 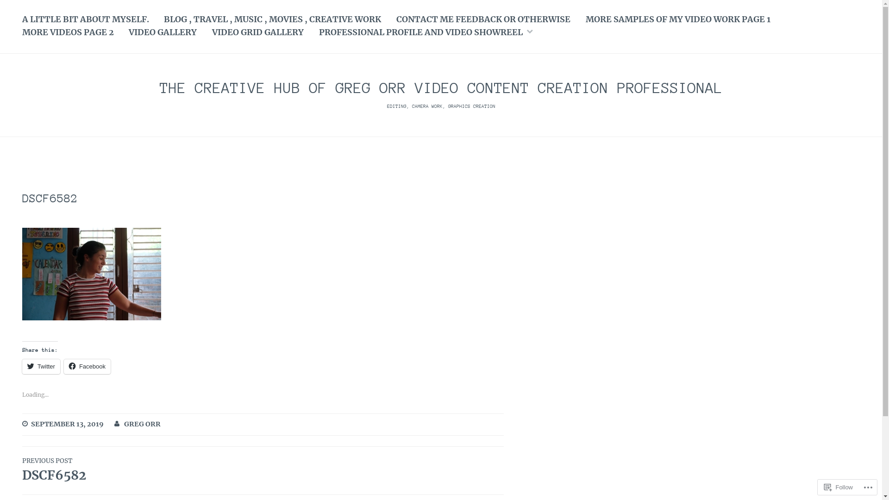 I want to click on 'SEPTEMBER 13, 2019', so click(x=67, y=425).